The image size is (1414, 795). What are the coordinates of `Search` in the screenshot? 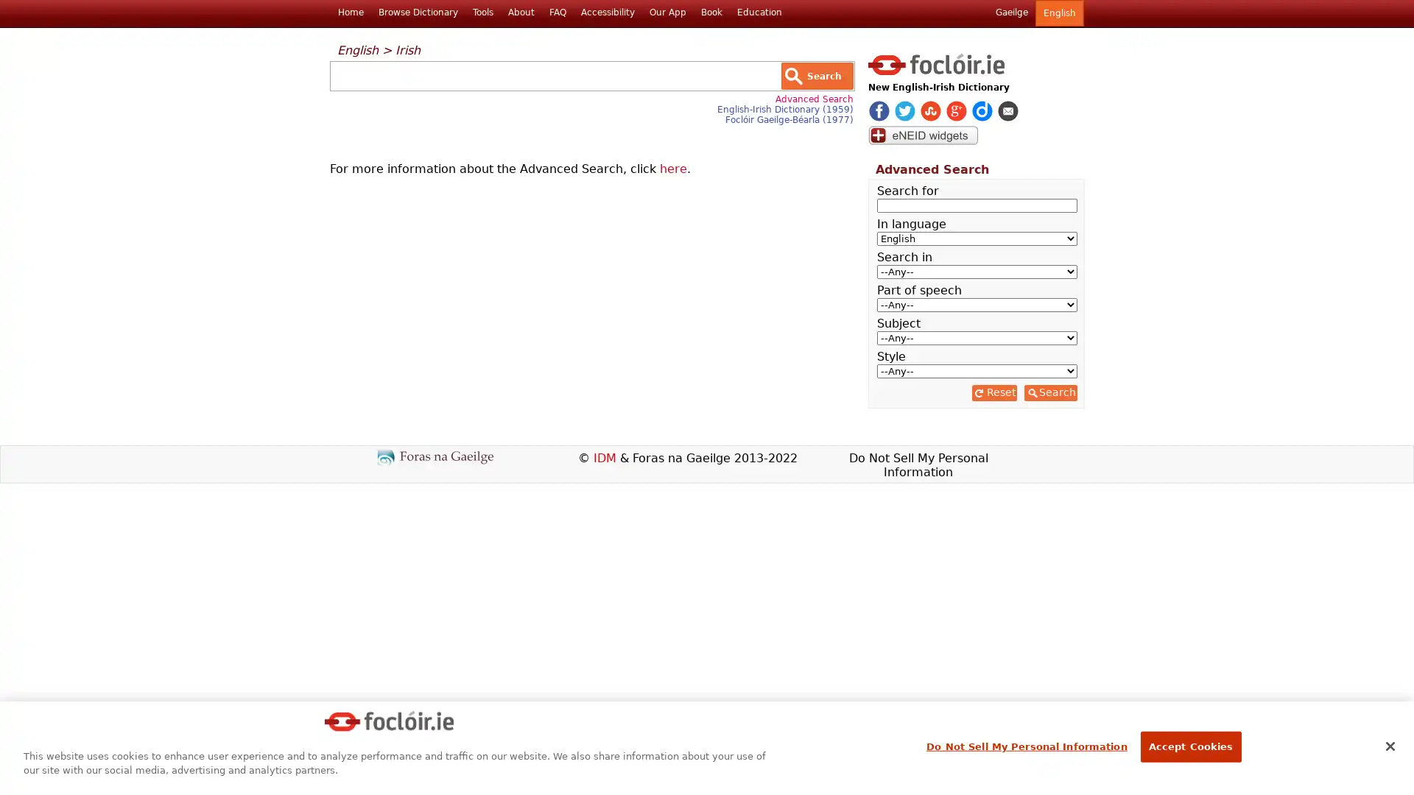 It's located at (816, 76).